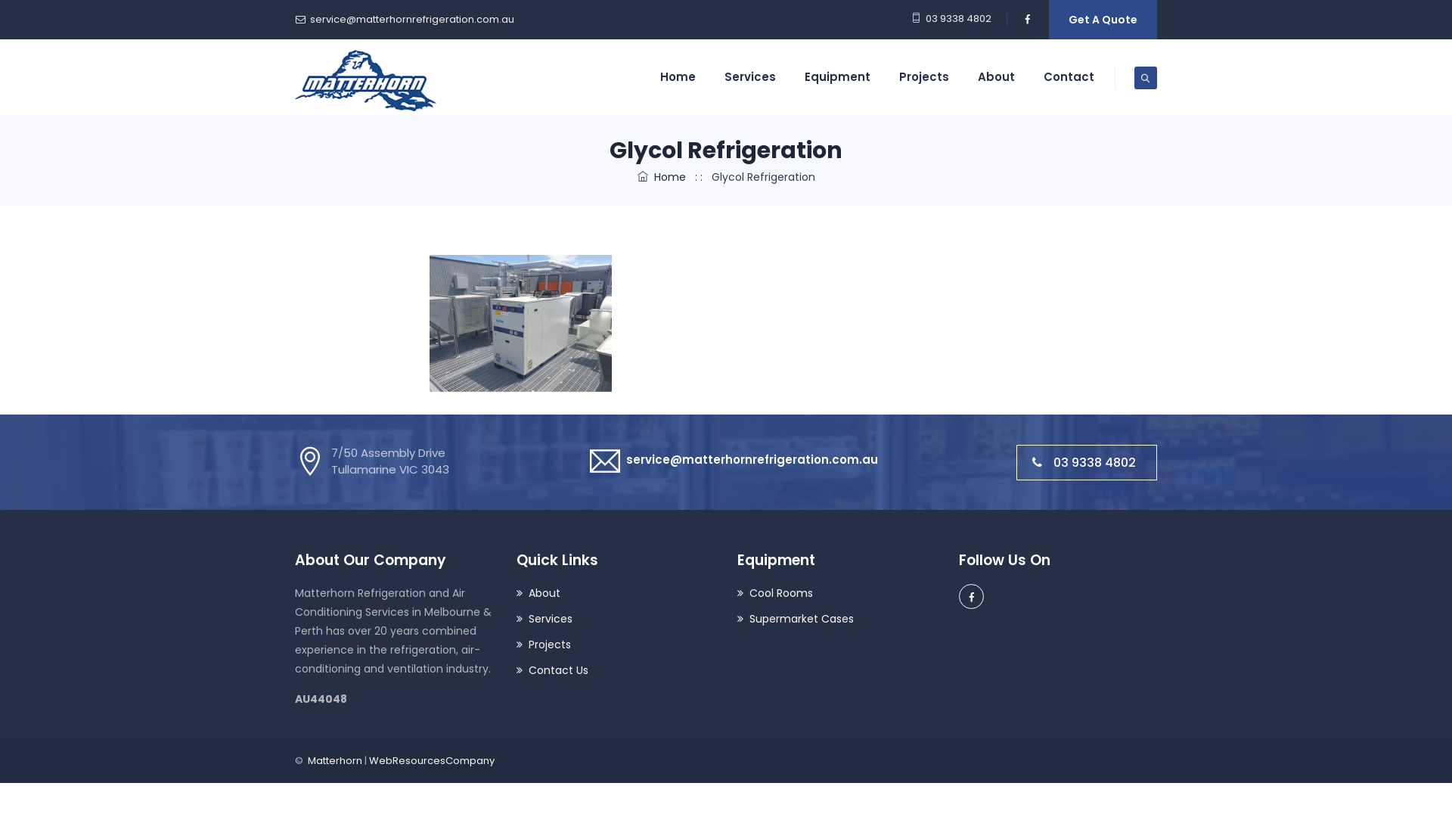 The height and width of the screenshot is (817, 1452). What do you see at coordinates (923, 76) in the screenshot?
I see `'Projects'` at bounding box center [923, 76].